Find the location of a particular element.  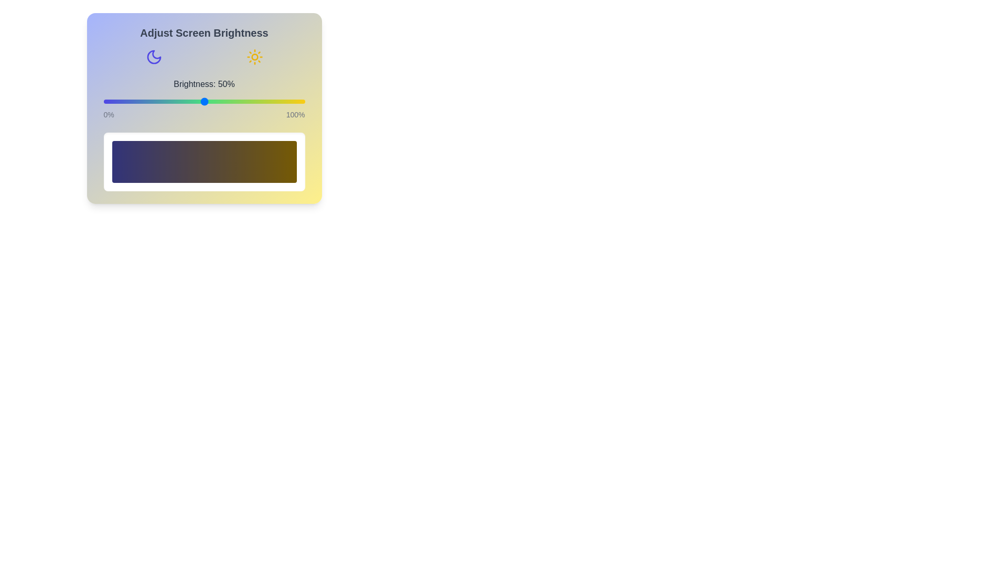

the brightness slider to 25% is located at coordinates (153, 101).